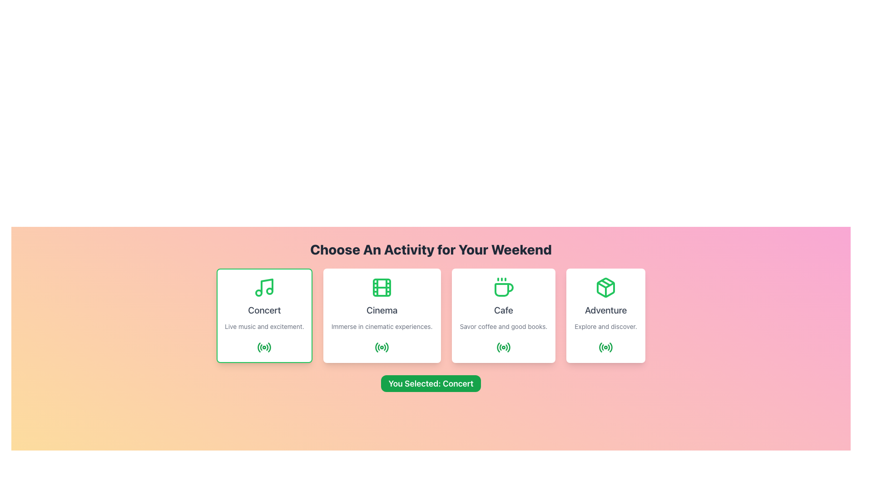  Describe the element at coordinates (606, 287) in the screenshot. I see `the 'Adventure' icon located in the activity selection interface, which is the topmost component of the fourth card from the left` at that location.